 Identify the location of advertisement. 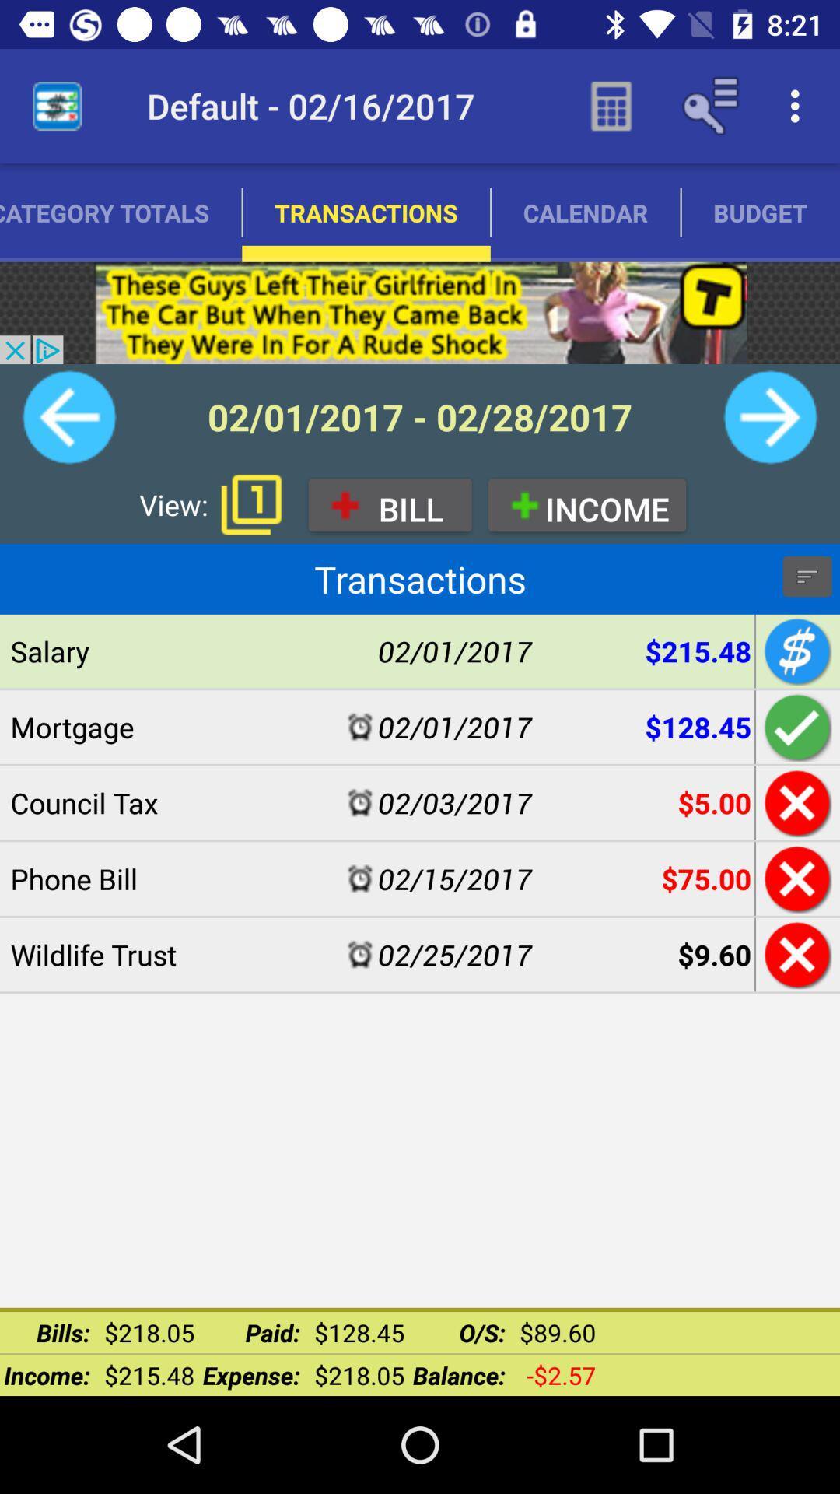
(420, 312).